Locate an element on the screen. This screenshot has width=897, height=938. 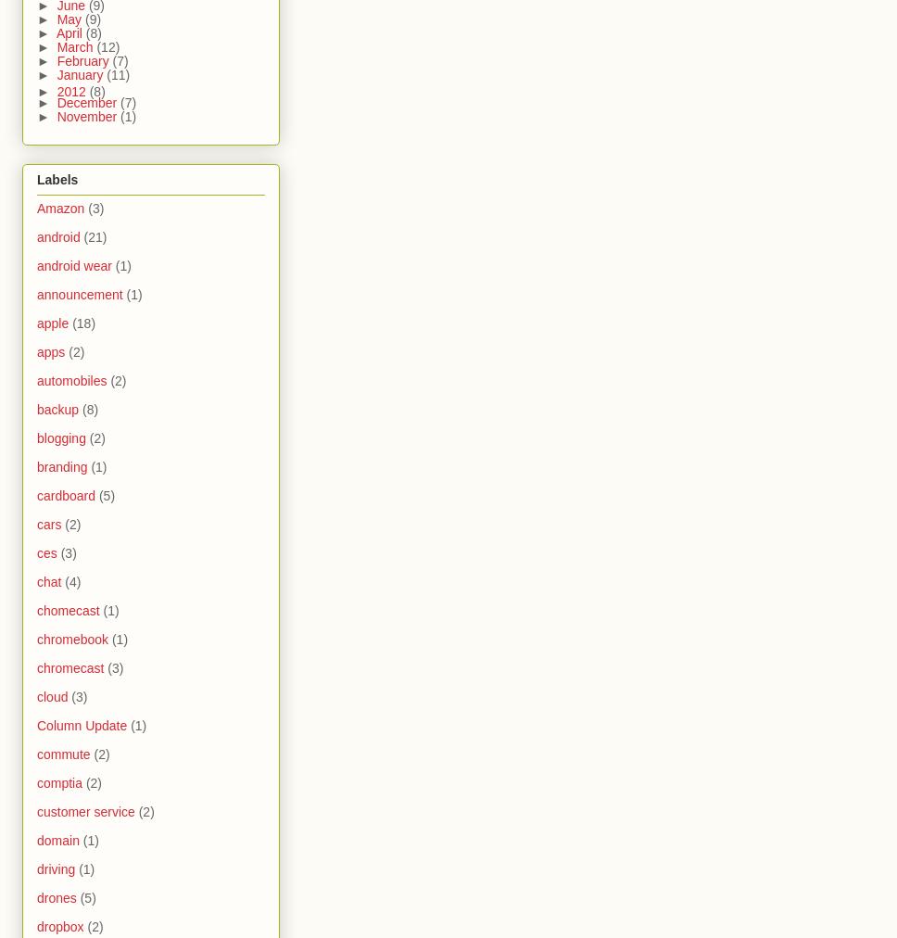
'apps' is located at coordinates (49, 352).